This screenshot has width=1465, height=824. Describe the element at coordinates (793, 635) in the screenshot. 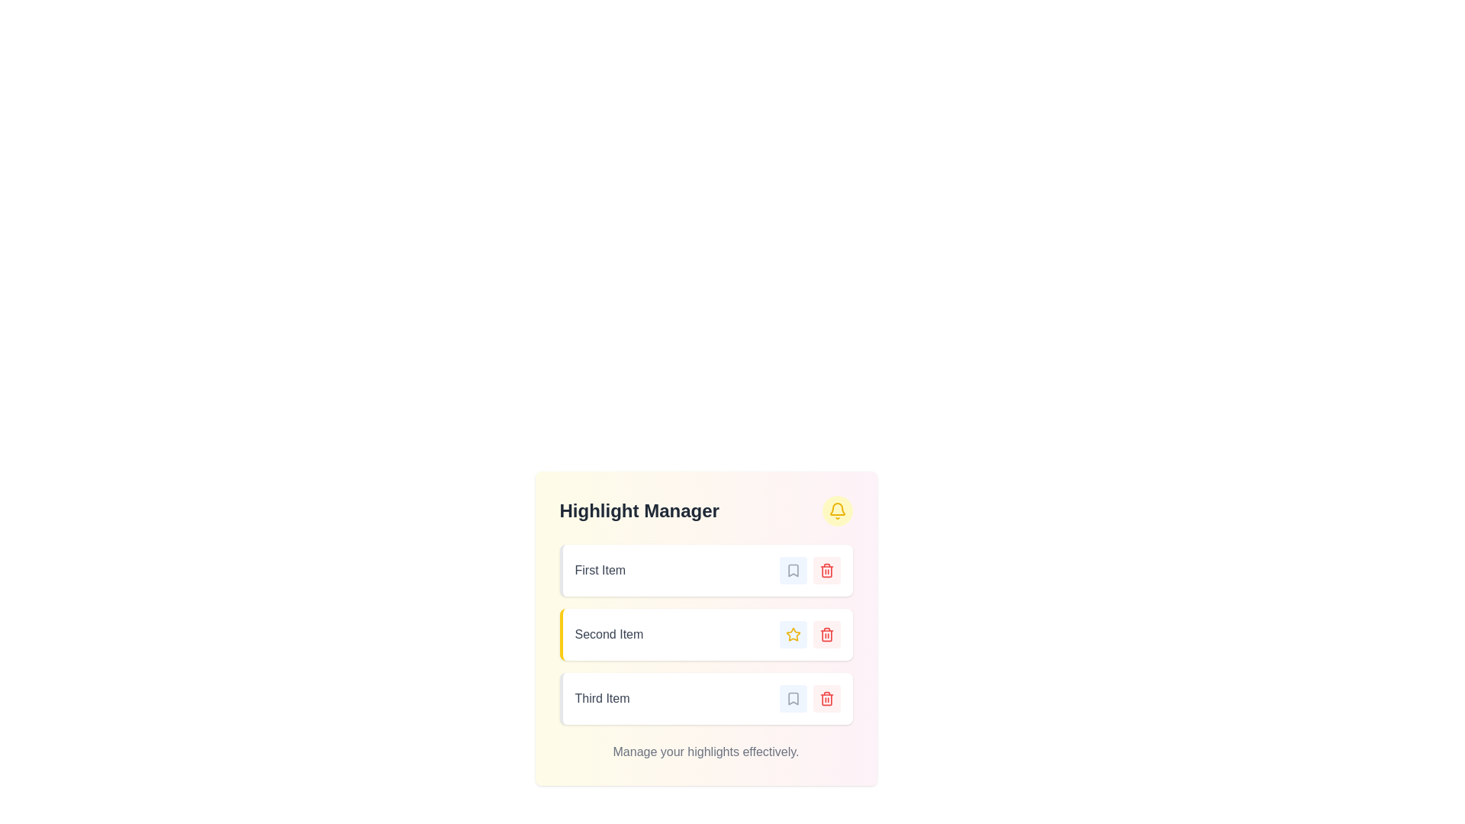

I see `the yellow star-shaped icon located in the 'Second Item' row of the 'Highlight Manager' section` at that location.